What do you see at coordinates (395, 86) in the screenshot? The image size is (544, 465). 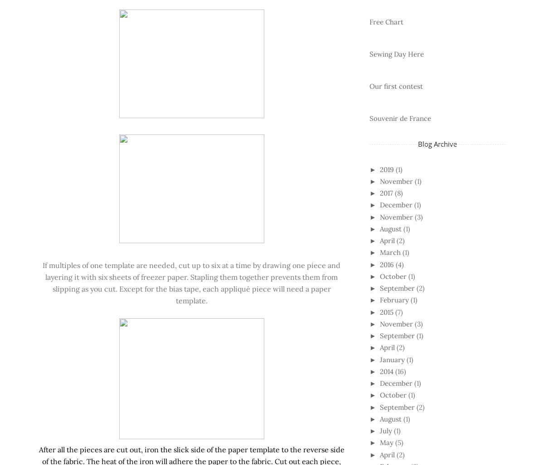 I see `'Our first contest'` at bounding box center [395, 86].